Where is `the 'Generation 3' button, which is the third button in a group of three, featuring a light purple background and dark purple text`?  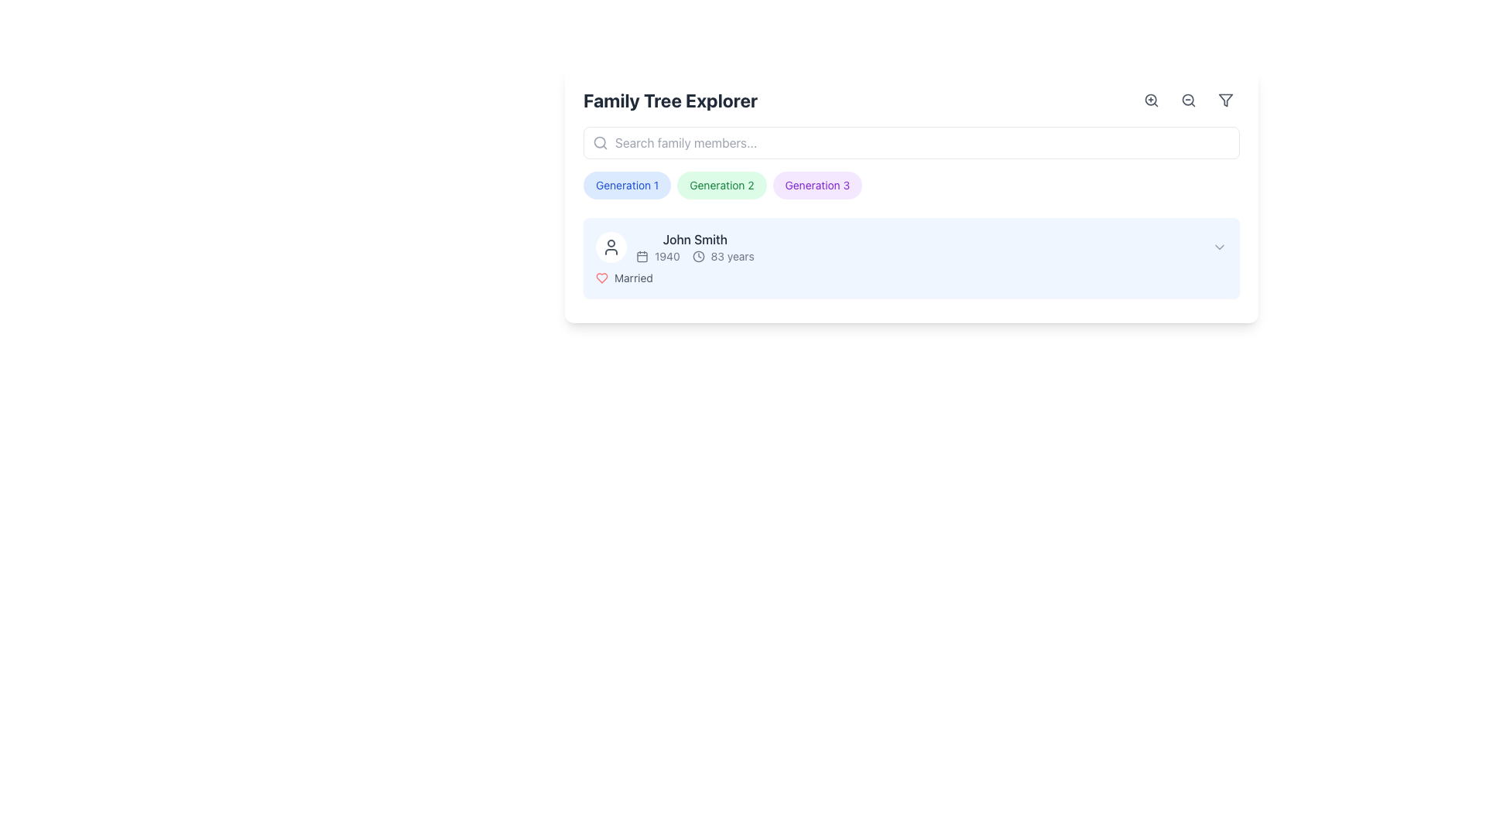
the 'Generation 3' button, which is the third button in a group of three, featuring a light purple background and dark purple text is located at coordinates (817, 184).